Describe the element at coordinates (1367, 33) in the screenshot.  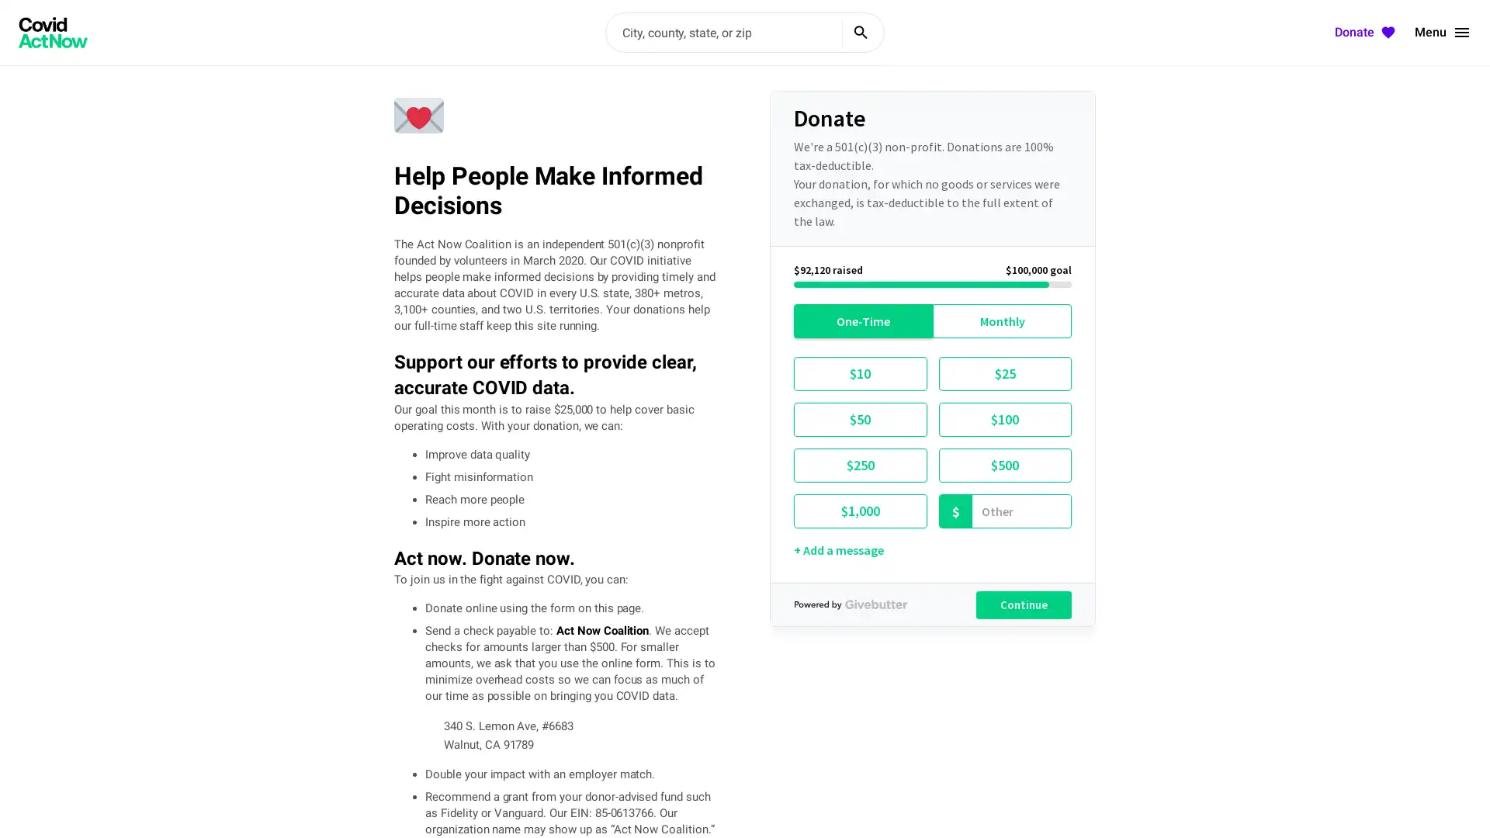
I see `Donate` at that location.